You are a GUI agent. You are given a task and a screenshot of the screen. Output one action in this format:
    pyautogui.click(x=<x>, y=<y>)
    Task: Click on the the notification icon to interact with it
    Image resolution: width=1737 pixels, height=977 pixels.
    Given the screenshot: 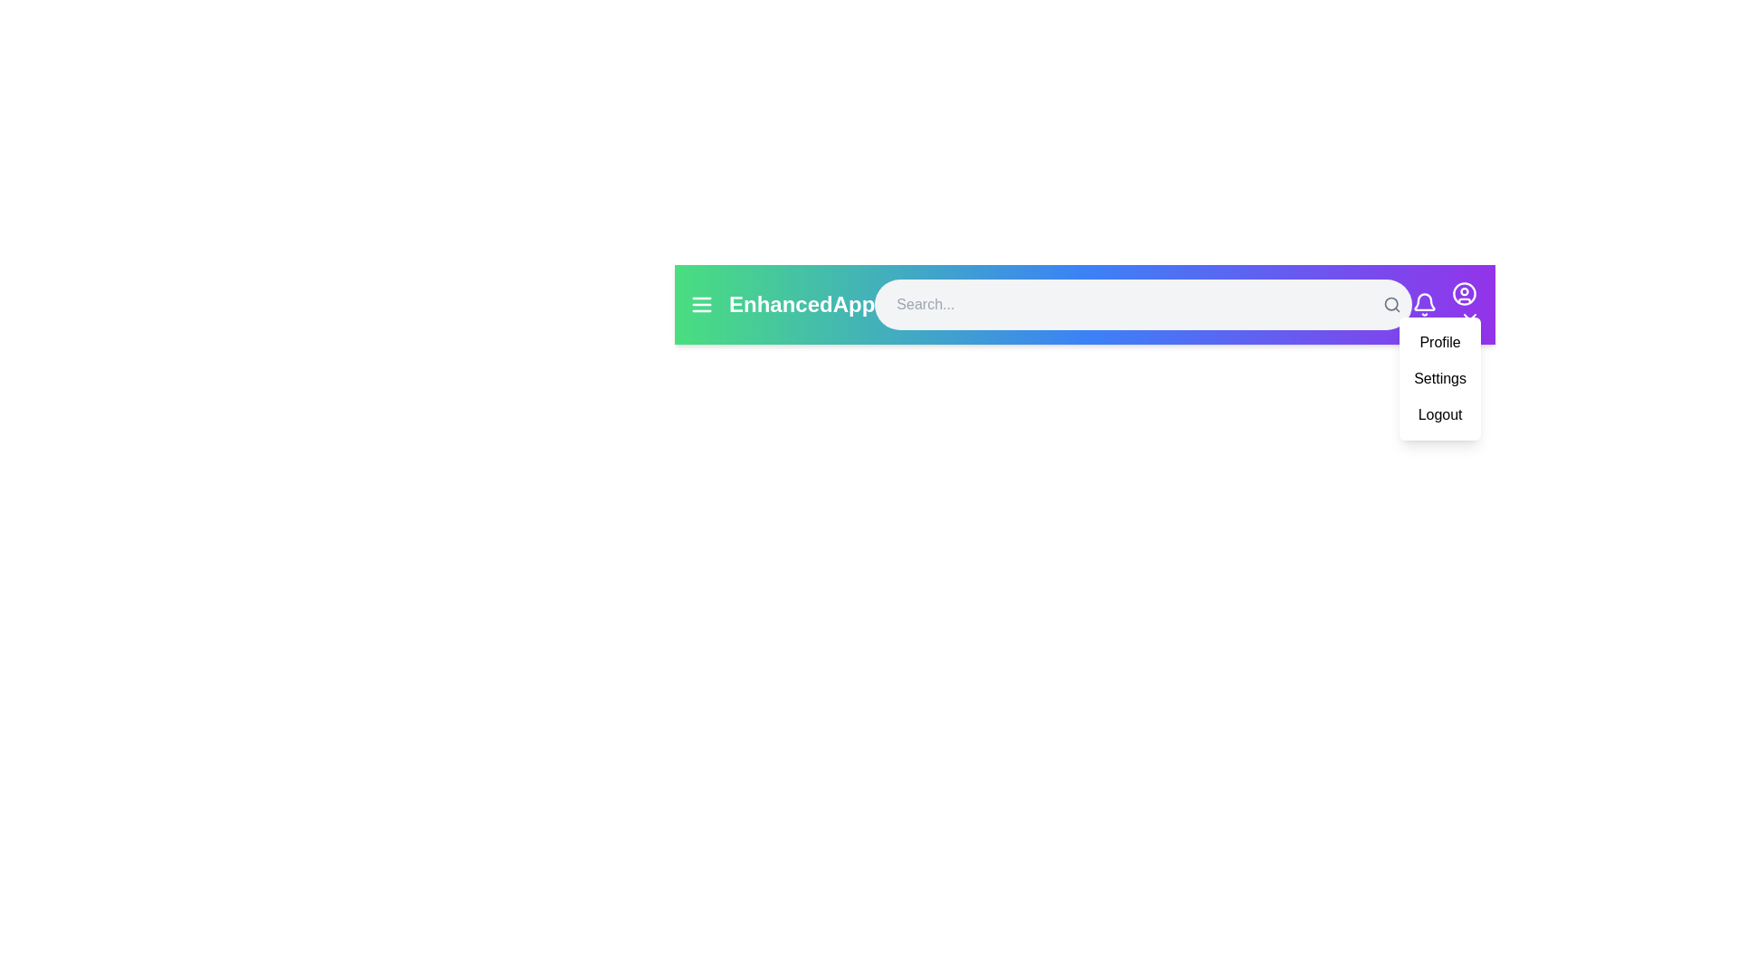 What is the action you would take?
    pyautogui.click(x=1423, y=303)
    